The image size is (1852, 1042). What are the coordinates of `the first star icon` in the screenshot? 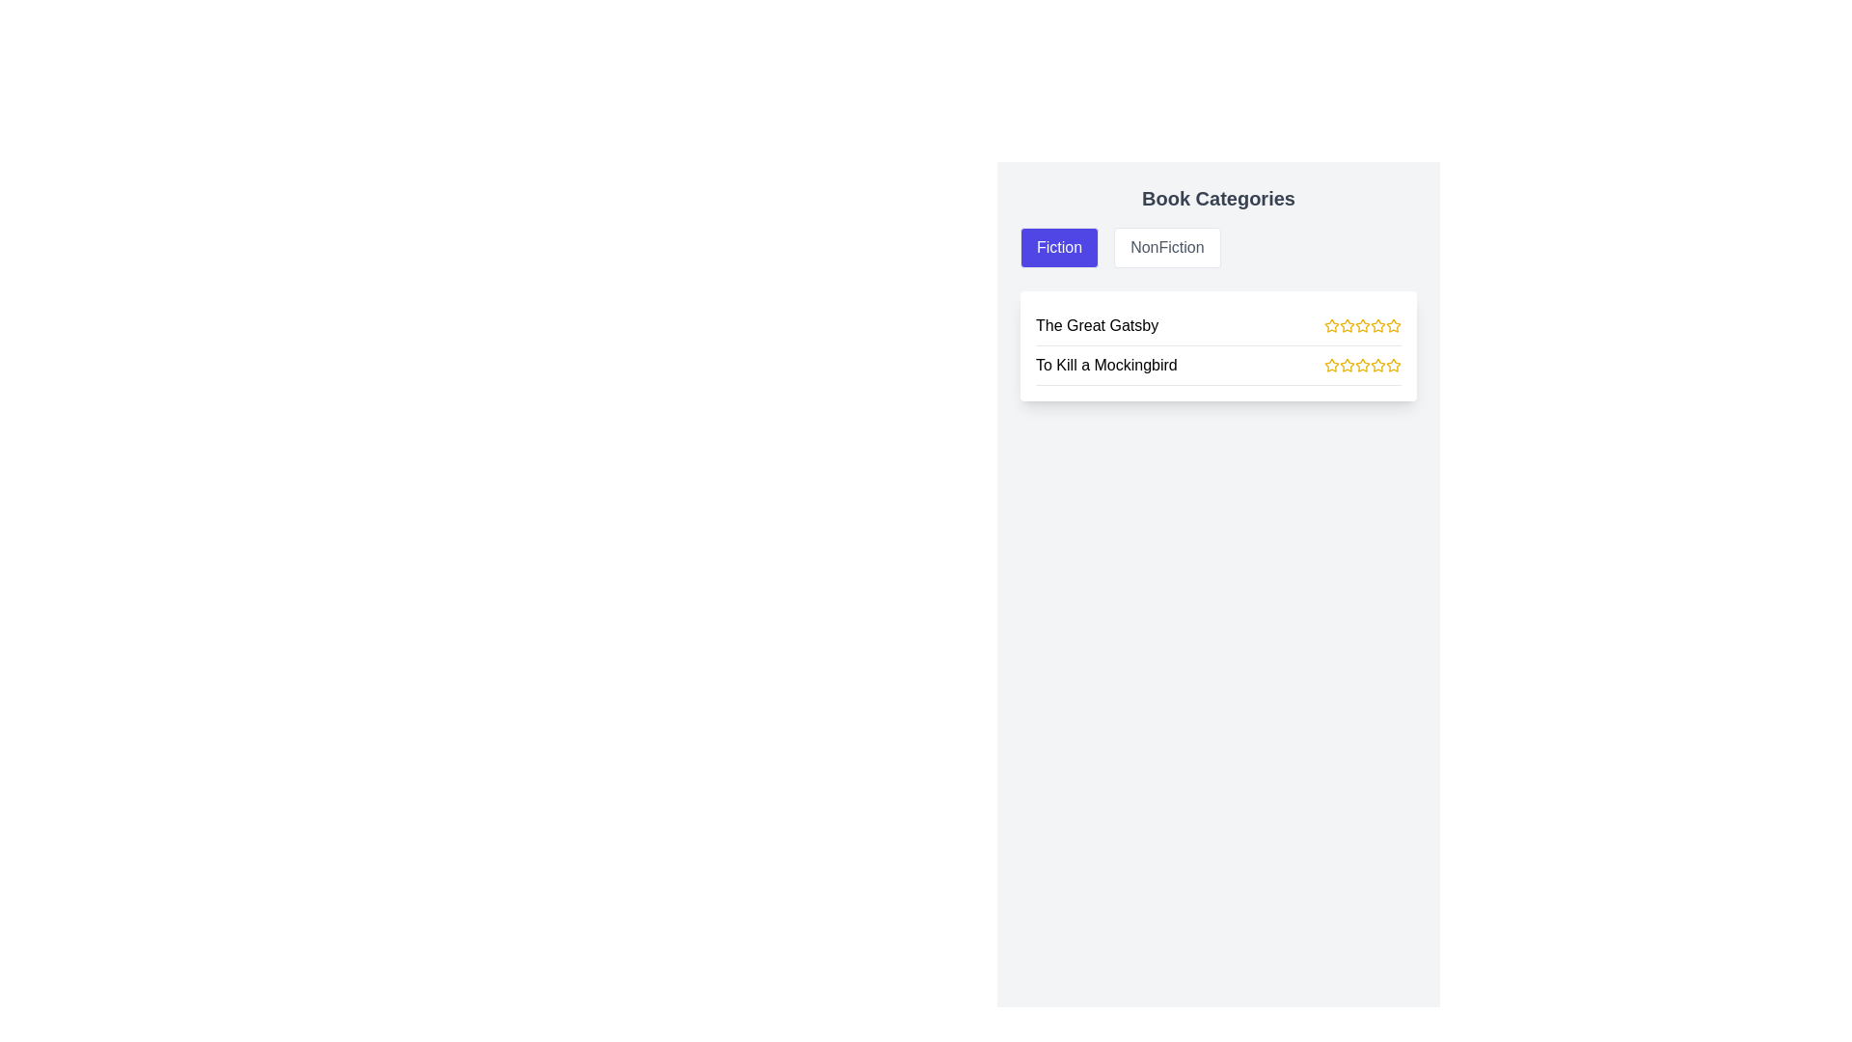 It's located at (1346, 323).